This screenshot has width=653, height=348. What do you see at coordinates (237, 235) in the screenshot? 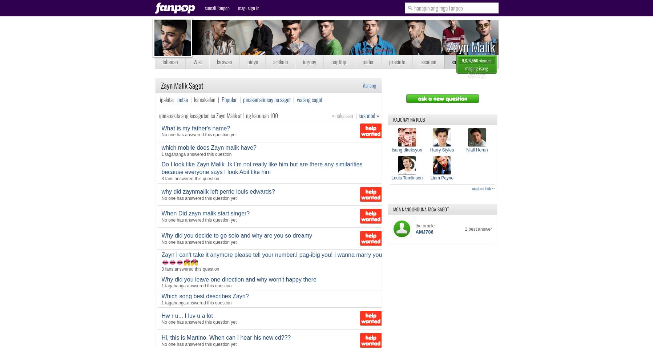
I see `'Why did you decide to go solo and why are you so dreamy'` at bounding box center [237, 235].